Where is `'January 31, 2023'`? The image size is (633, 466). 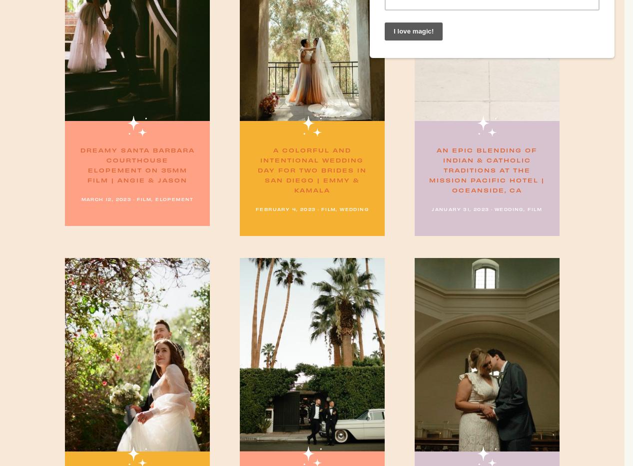 'January 31, 2023' is located at coordinates (460, 208).